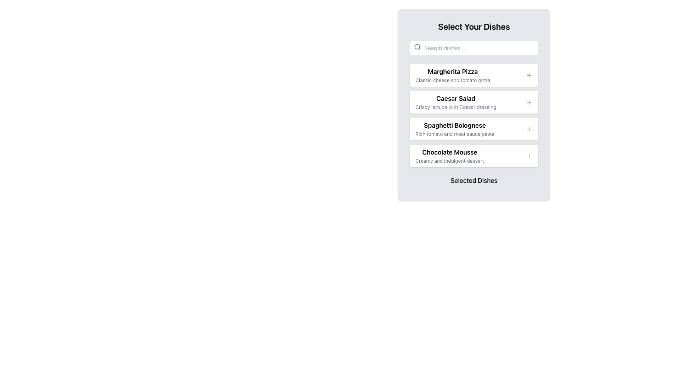  What do you see at coordinates (456, 98) in the screenshot?
I see `the text label 'Caesar Salad' which serves as the title for the dish in the 'Select Your Dishes' section, positioned above the description of the dish` at bounding box center [456, 98].